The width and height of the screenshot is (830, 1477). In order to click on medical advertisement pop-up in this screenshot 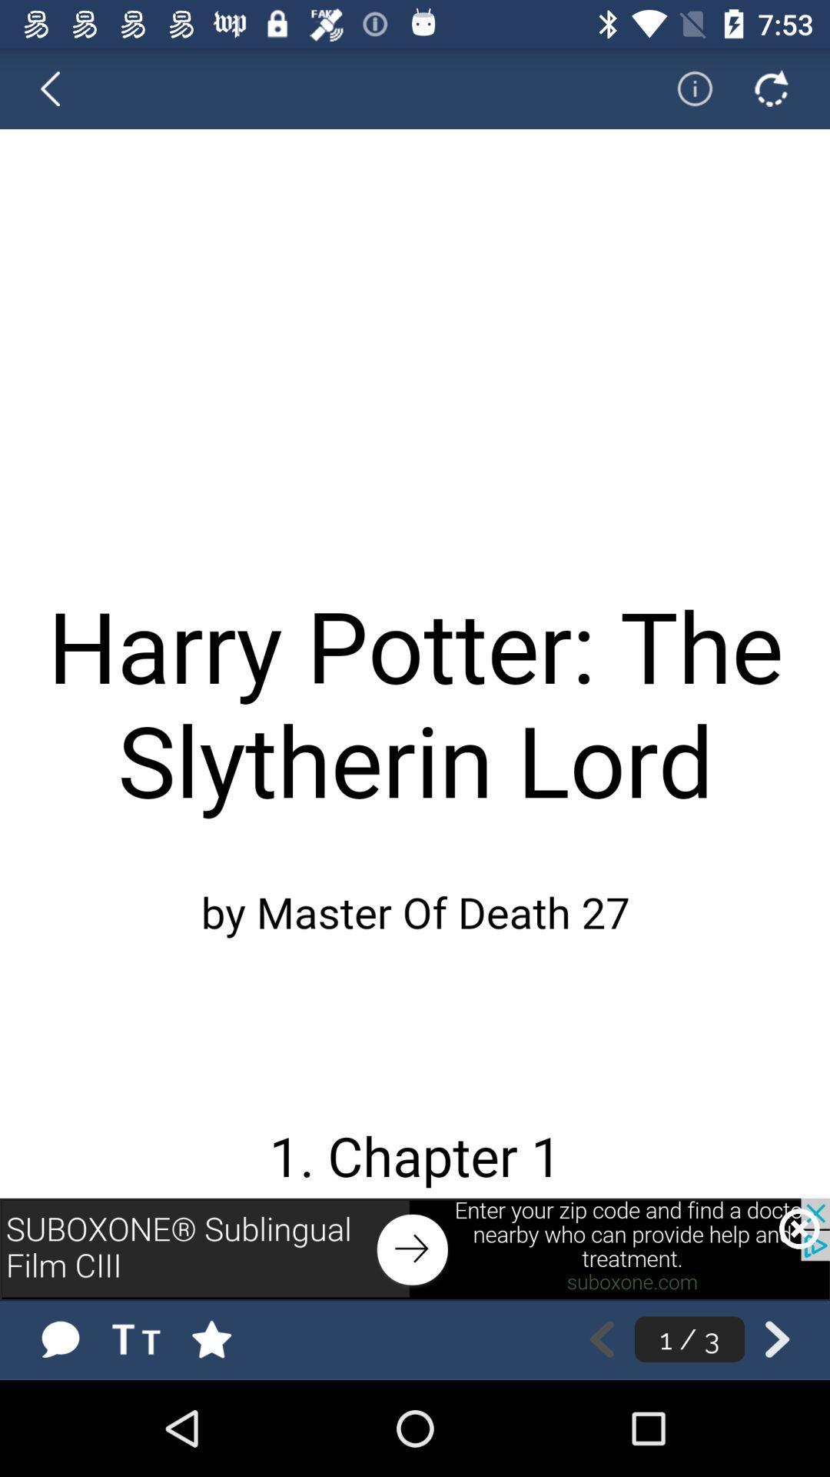, I will do `click(415, 1249)`.